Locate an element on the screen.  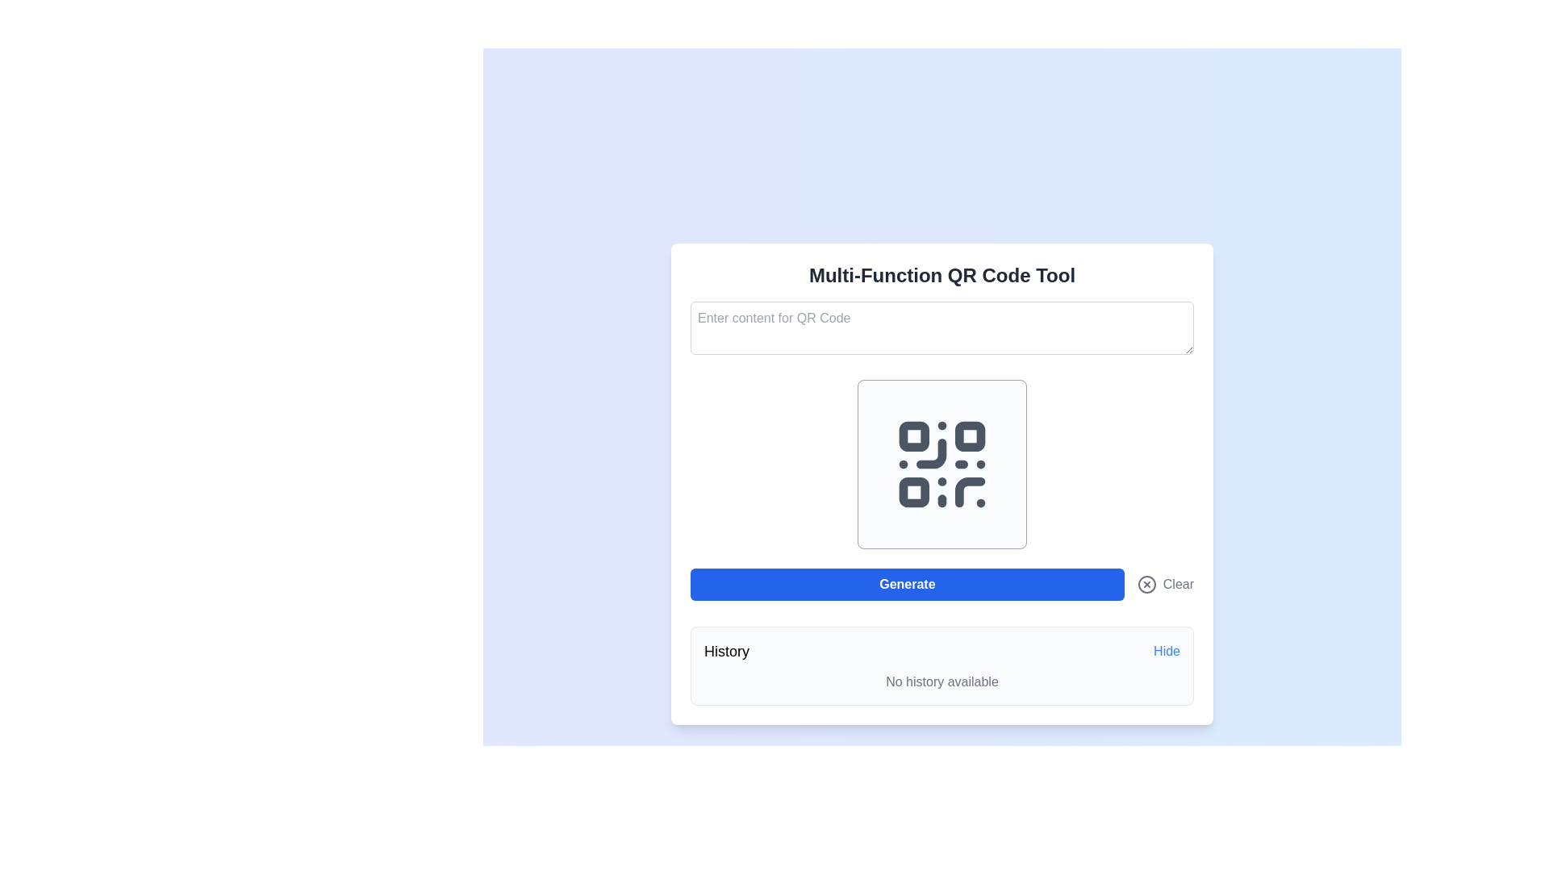
the QR code graphic, which is a dark gray icon against a light gray background with rounded borders, centrally positioned in the interface is located at coordinates (942, 464).